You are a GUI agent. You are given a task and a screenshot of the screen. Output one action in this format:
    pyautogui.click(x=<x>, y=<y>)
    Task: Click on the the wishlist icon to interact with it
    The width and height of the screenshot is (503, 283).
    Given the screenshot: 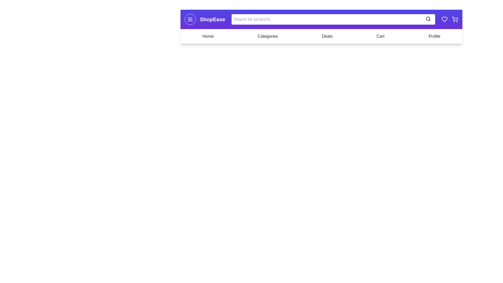 What is the action you would take?
    pyautogui.click(x=444, y=19)
    